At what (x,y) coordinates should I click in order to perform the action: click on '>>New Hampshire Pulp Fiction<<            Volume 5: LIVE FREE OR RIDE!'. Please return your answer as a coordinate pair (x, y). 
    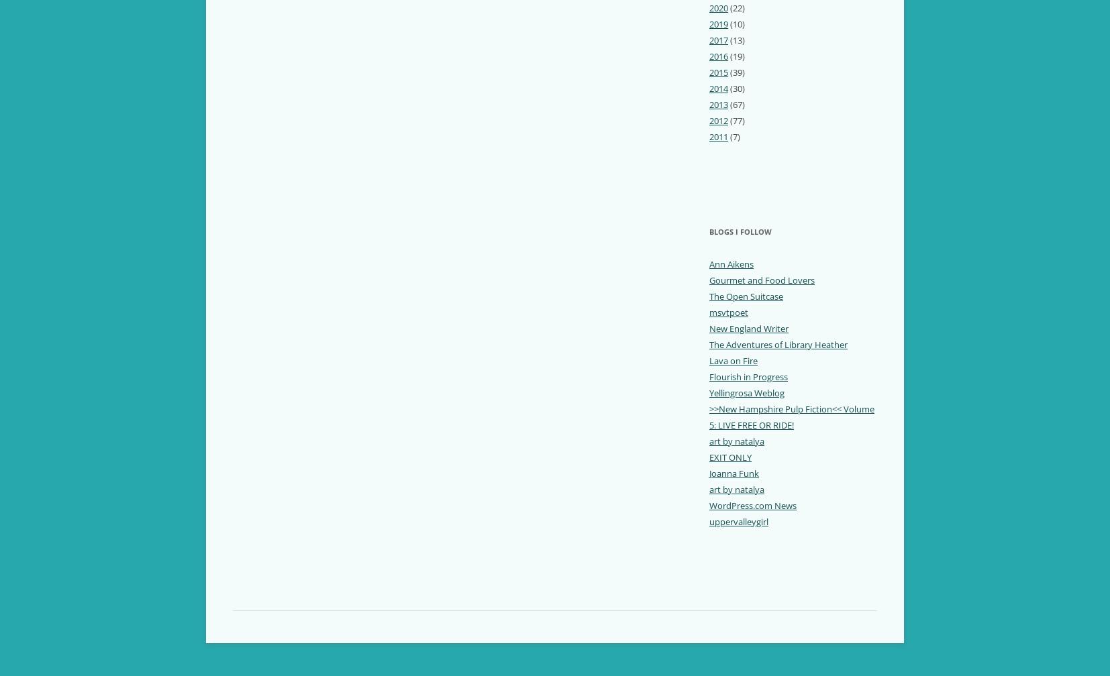
    Looking at the image, I should click on (791, 416).